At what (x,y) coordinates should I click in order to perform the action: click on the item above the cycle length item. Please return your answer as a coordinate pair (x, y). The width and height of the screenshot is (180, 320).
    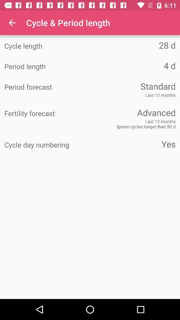
    Looking at the image, I should click on (12, 23).